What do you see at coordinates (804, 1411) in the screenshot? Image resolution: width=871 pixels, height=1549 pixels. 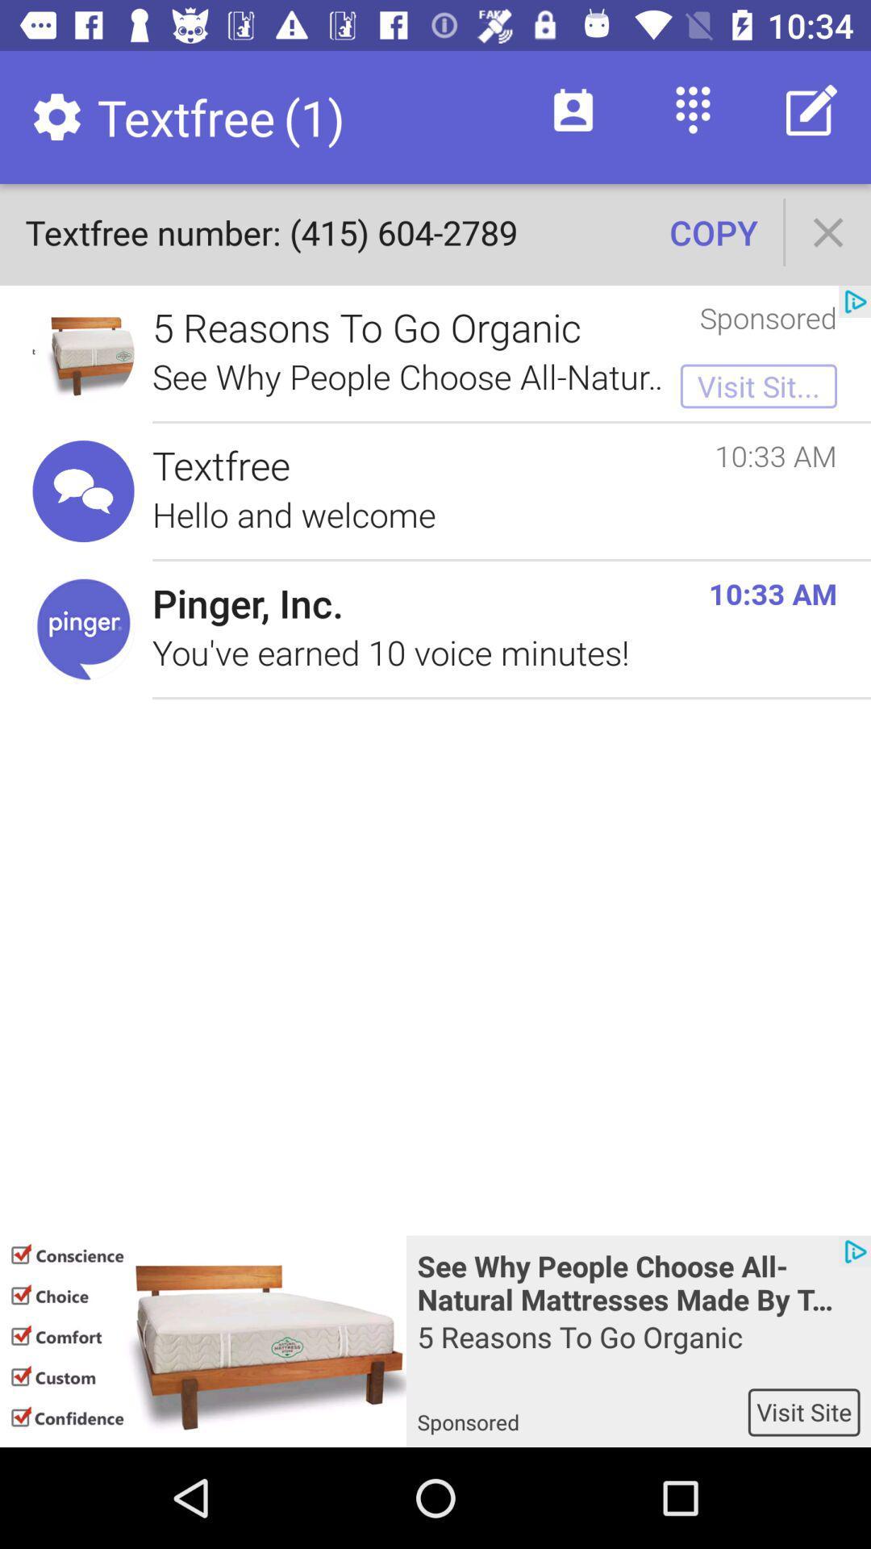 I see `the item below the 5 reasons to item` at bounding box center [804, 1411].